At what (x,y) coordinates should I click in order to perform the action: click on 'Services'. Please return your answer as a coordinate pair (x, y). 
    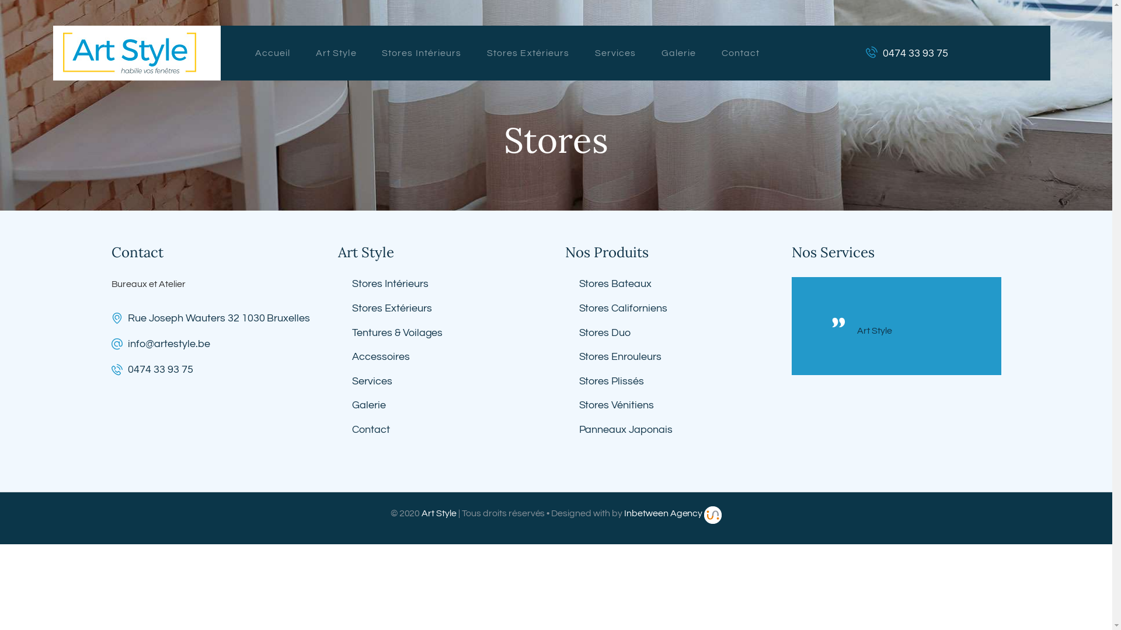
    Looking at the image, I should click on (371, 381).